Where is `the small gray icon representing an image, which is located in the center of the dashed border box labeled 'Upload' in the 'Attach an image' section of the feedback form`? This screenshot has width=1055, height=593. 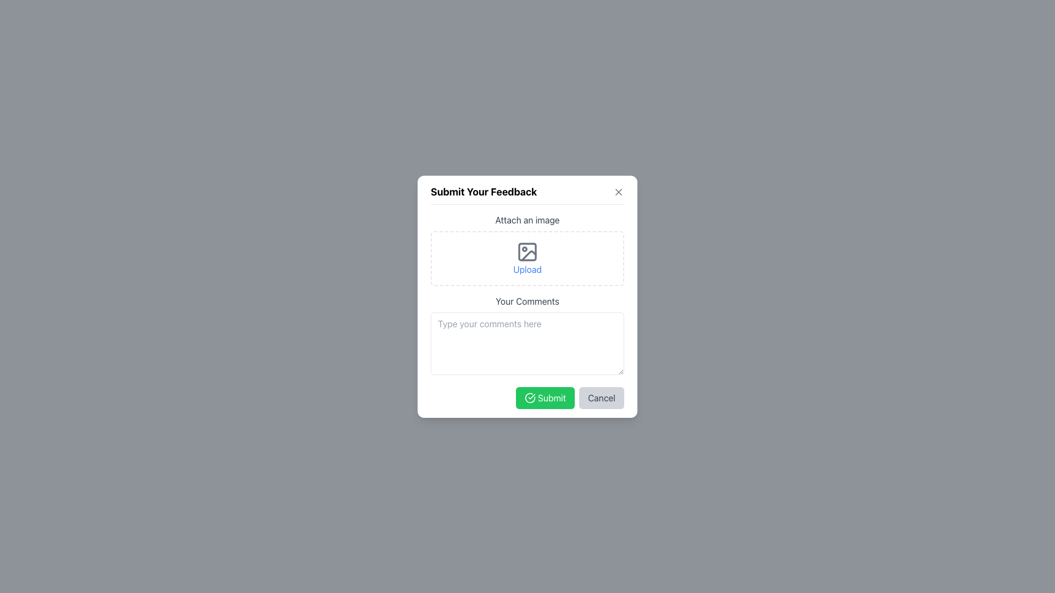 the small gray icon representing an image, which is located in the center of the dashed border box labeled 'Upload' in the 'Attach an image' section of the feedback form is located at coordinates (527, 251).